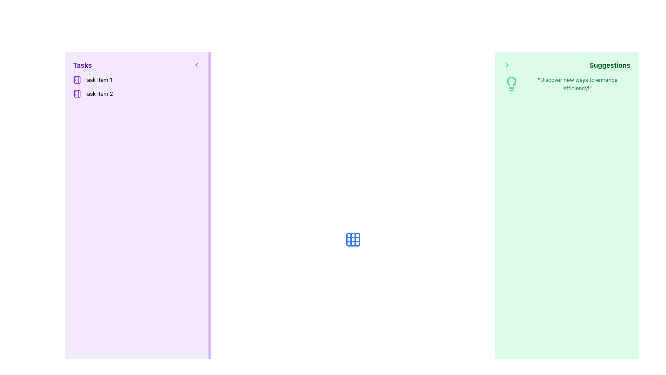  I want to click on the chevron button located at the top-left of the 'Suggestions' section, so click(507, 65).